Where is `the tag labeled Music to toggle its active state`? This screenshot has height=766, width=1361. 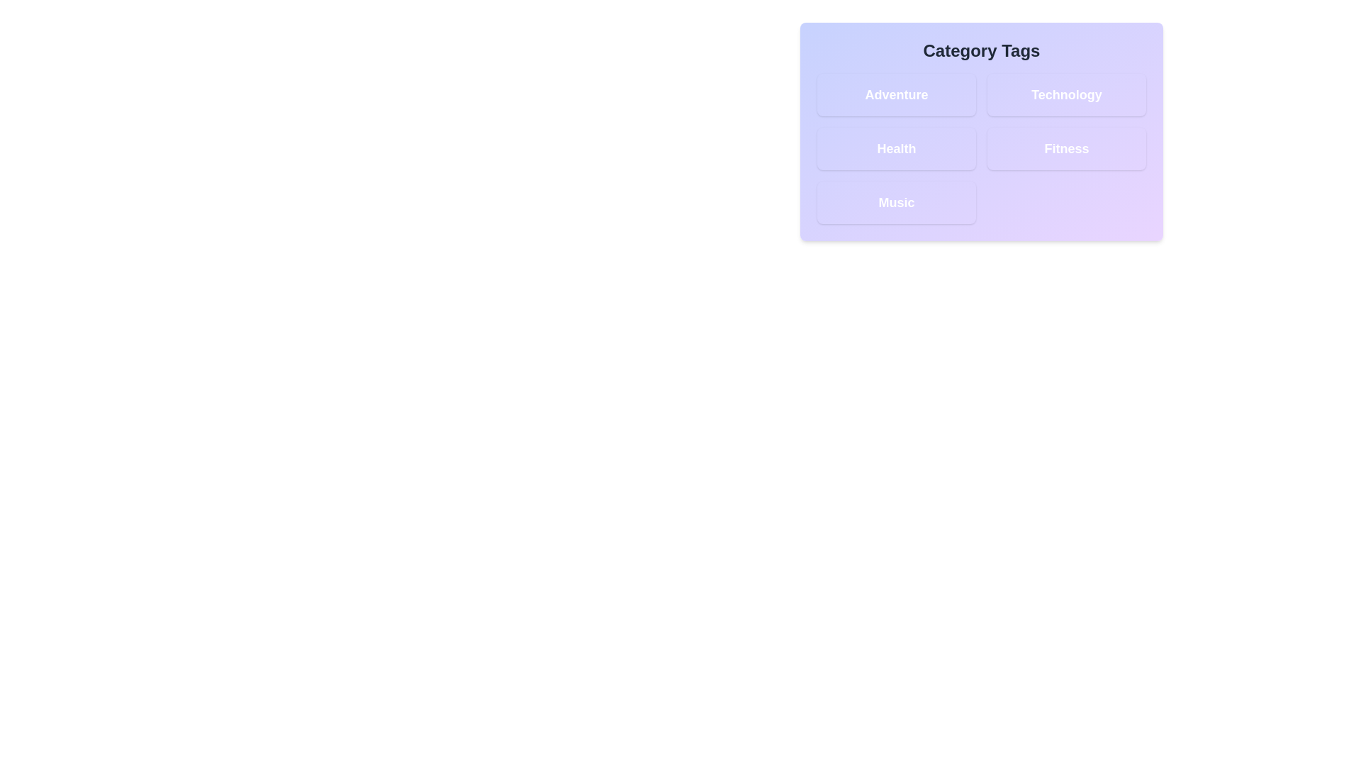
the tag labeled Music to toggle its active state is located at coordinates (896, 202).